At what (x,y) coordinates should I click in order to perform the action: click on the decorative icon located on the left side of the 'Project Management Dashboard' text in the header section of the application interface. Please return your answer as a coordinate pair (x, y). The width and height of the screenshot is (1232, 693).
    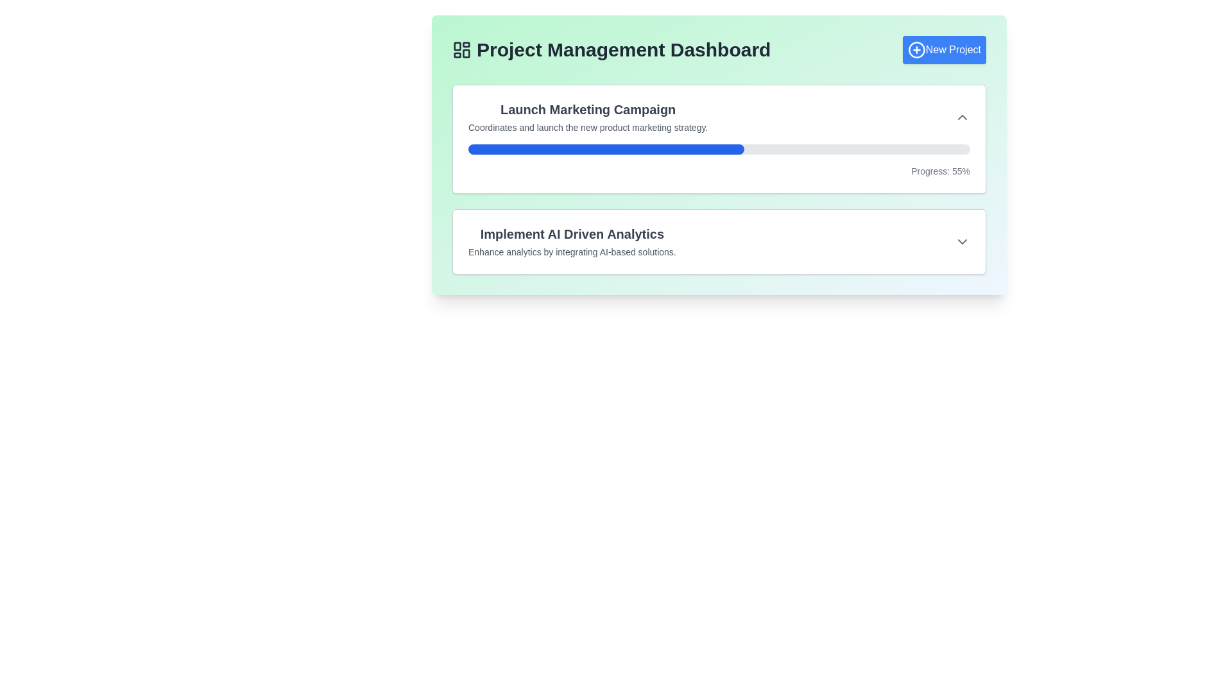
    Looking at the image, I should click on (462, 49).